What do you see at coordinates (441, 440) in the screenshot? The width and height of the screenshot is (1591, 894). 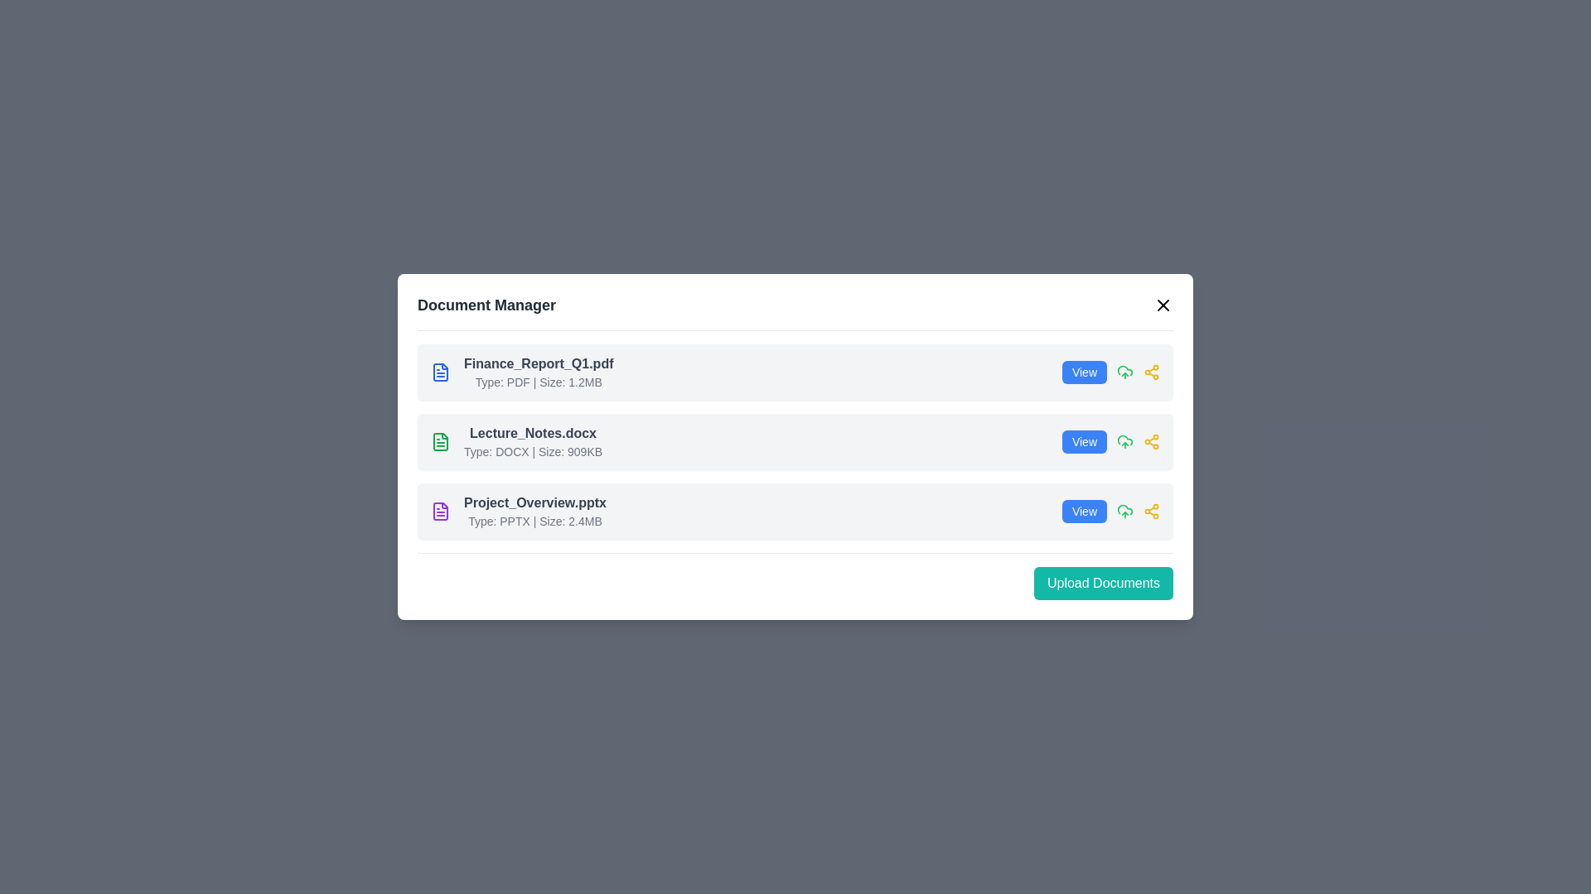 I see `the document icon with a green outline that is located to the left of the text 'Lecture_Notes.docx' in the second row of the document list interface` at bounding box center [441, 440].